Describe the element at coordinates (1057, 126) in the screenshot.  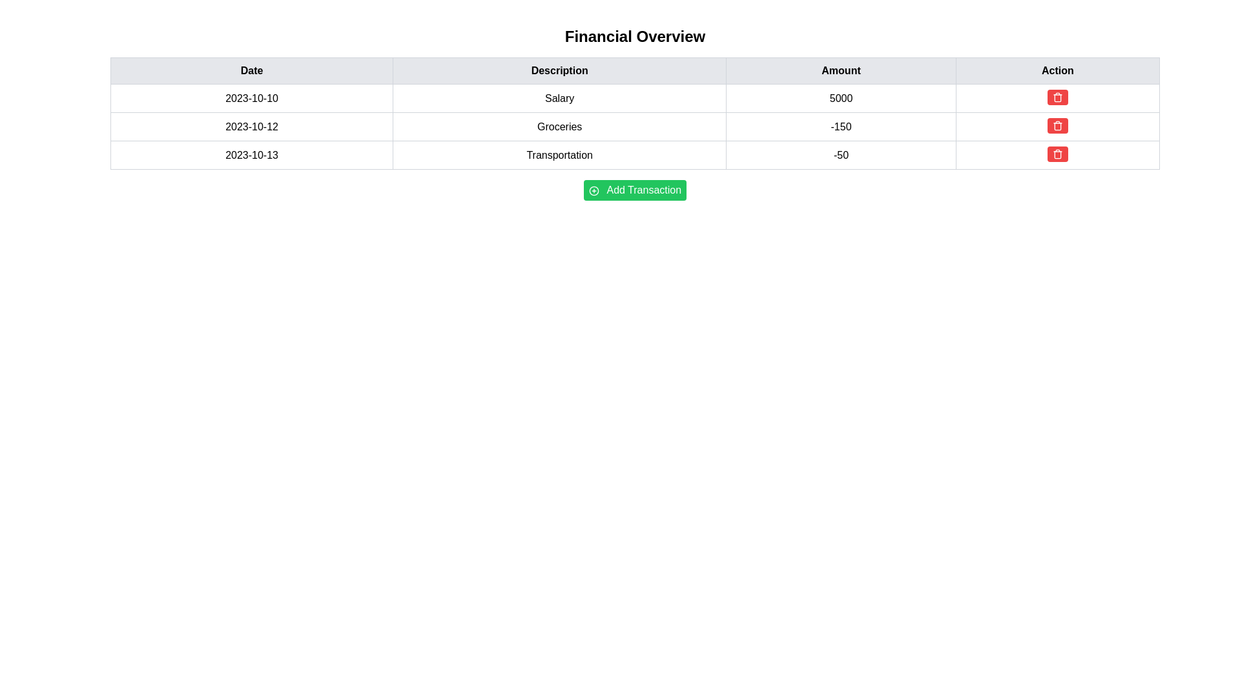
I see `the delete button located in the 'Action' column of the second row in the table` at that location.